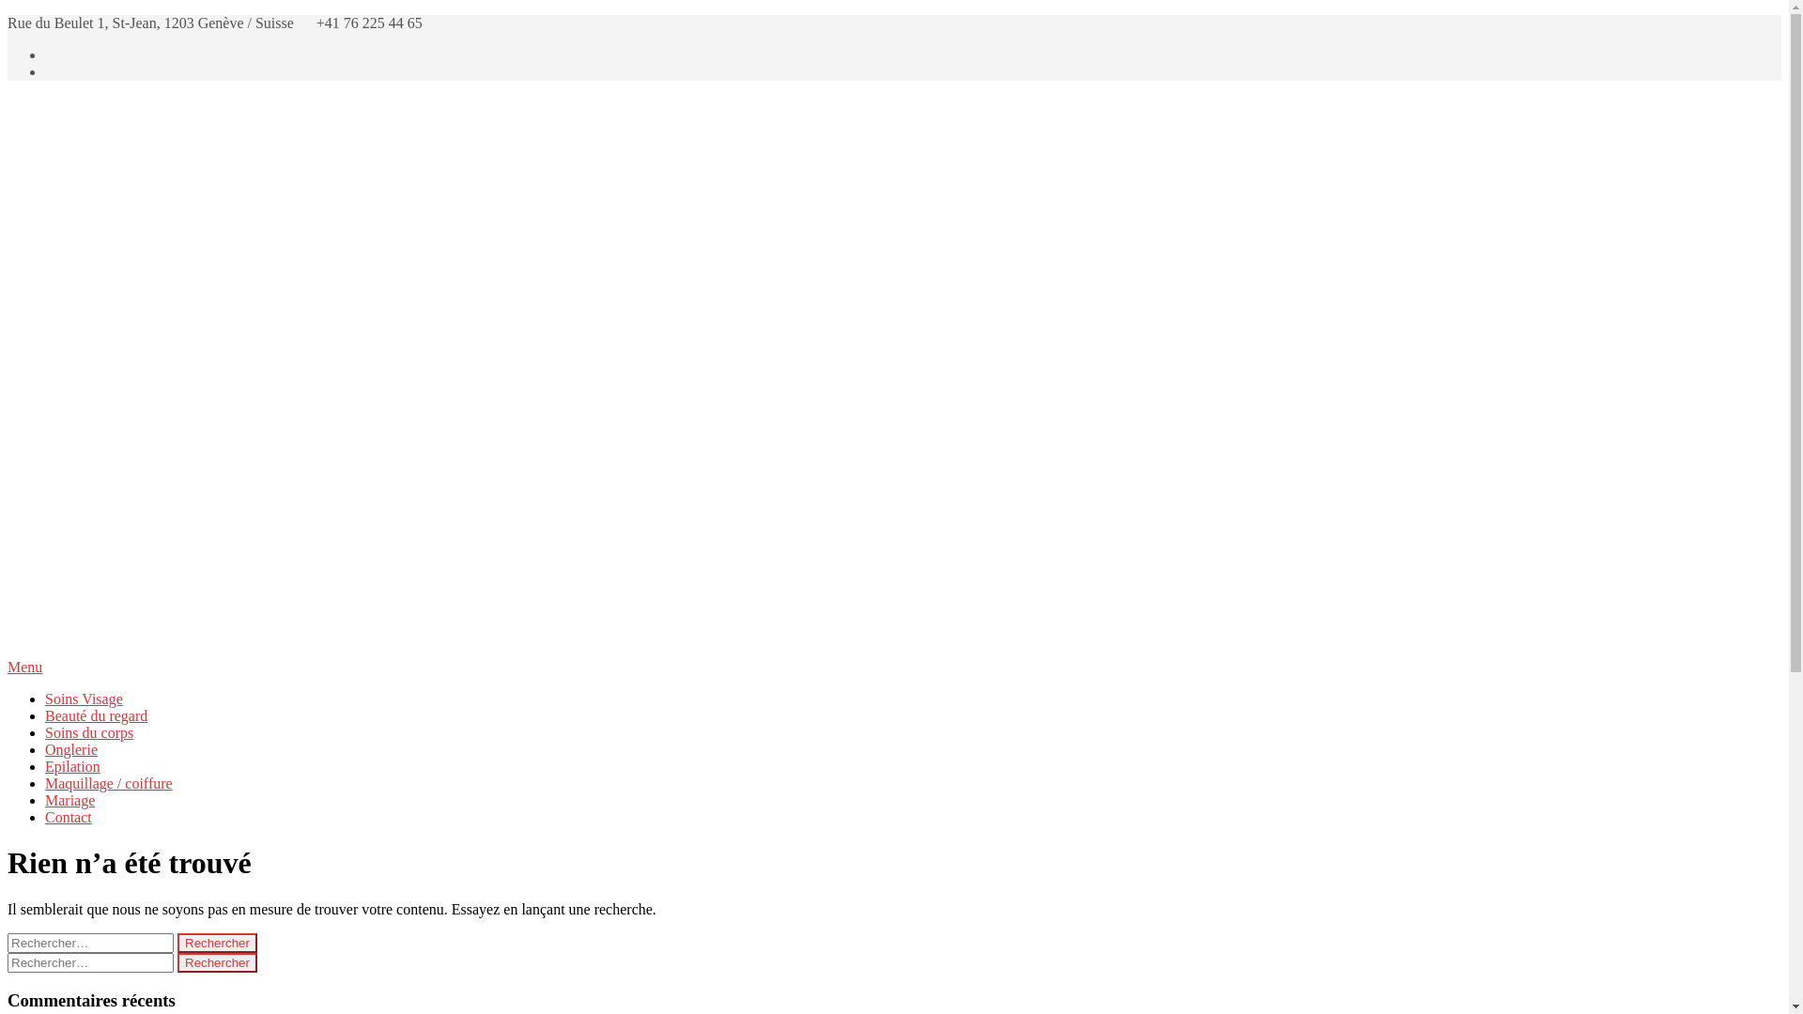 Image resolution: width=1803 pixels, height=1014 pixels. I want to click on 'Soins Visage', so click(45, 699).